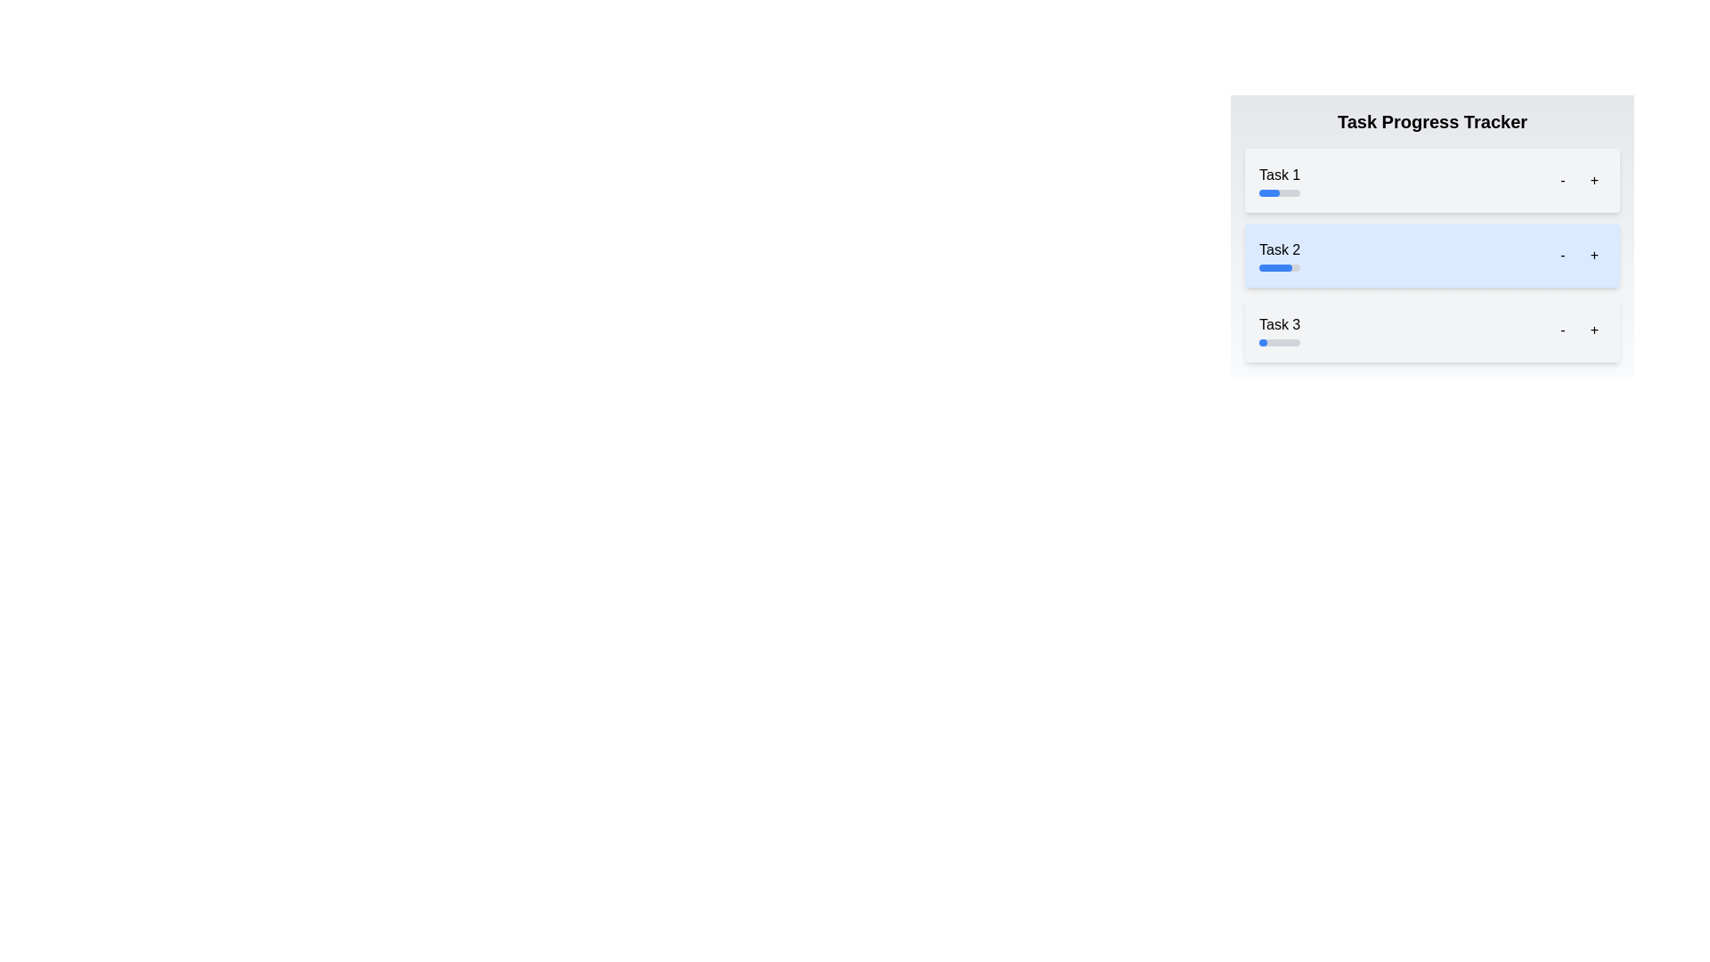 The image size is (1710, 962). I want to click on the Task 1 progress adjustment button (increment), so click(1594, 181).